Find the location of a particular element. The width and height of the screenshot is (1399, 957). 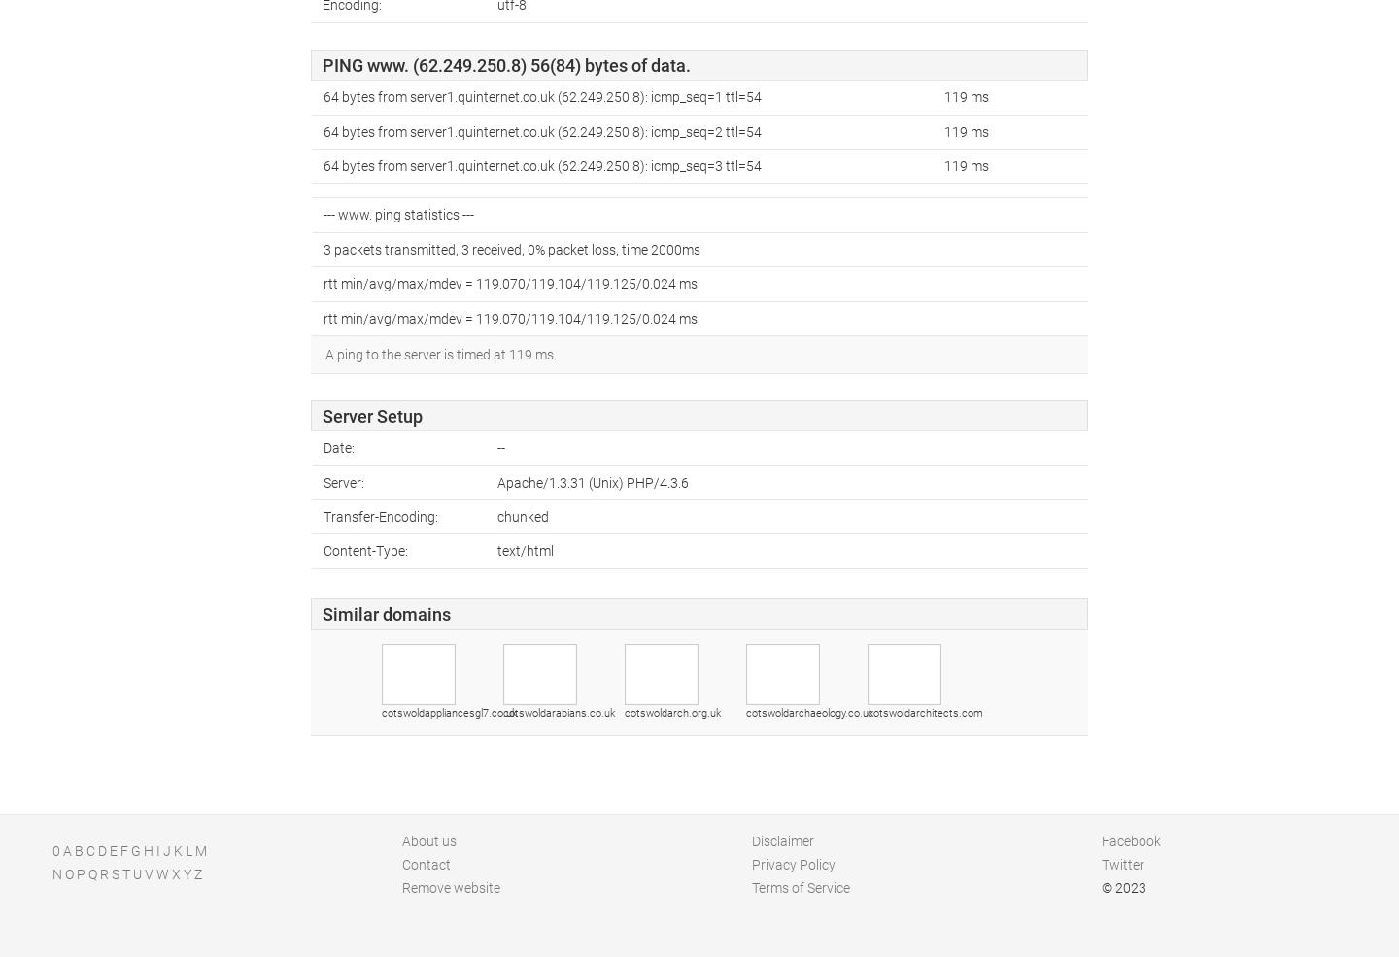

'text/html' is located at coordinates (524, 550).